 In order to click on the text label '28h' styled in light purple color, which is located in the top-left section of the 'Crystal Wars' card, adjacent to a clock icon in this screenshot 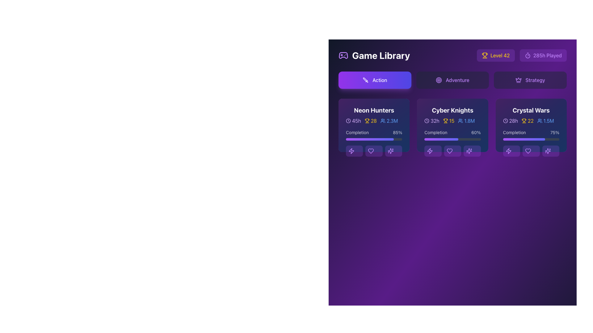, I will do `click(513, 121)`.